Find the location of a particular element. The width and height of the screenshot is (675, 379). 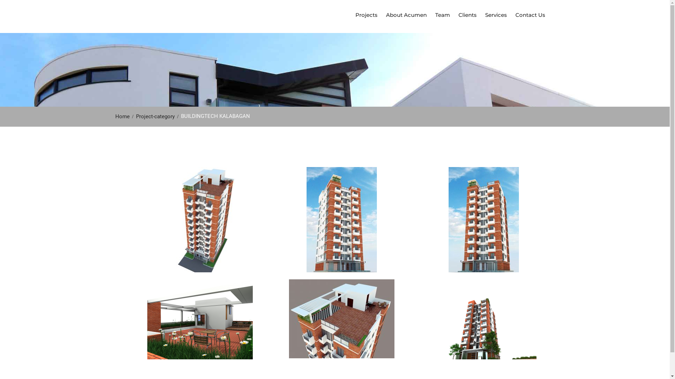

'Projects' is located at coordinates (366, 15).